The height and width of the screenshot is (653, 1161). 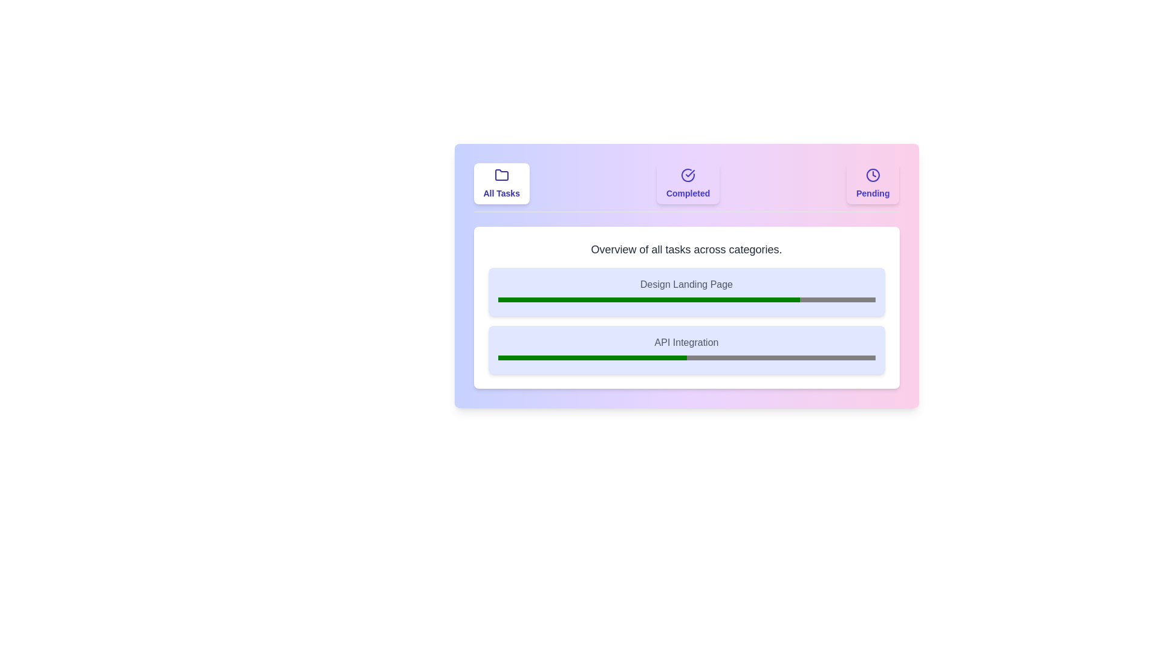 What do you see at coordinates (501, 193) in the screenshot?
I see `the 'All Tasks' label, which is a bold dark blue text located below a folder icon in the top-left panel of the interface` at bounding box center [501, 193].